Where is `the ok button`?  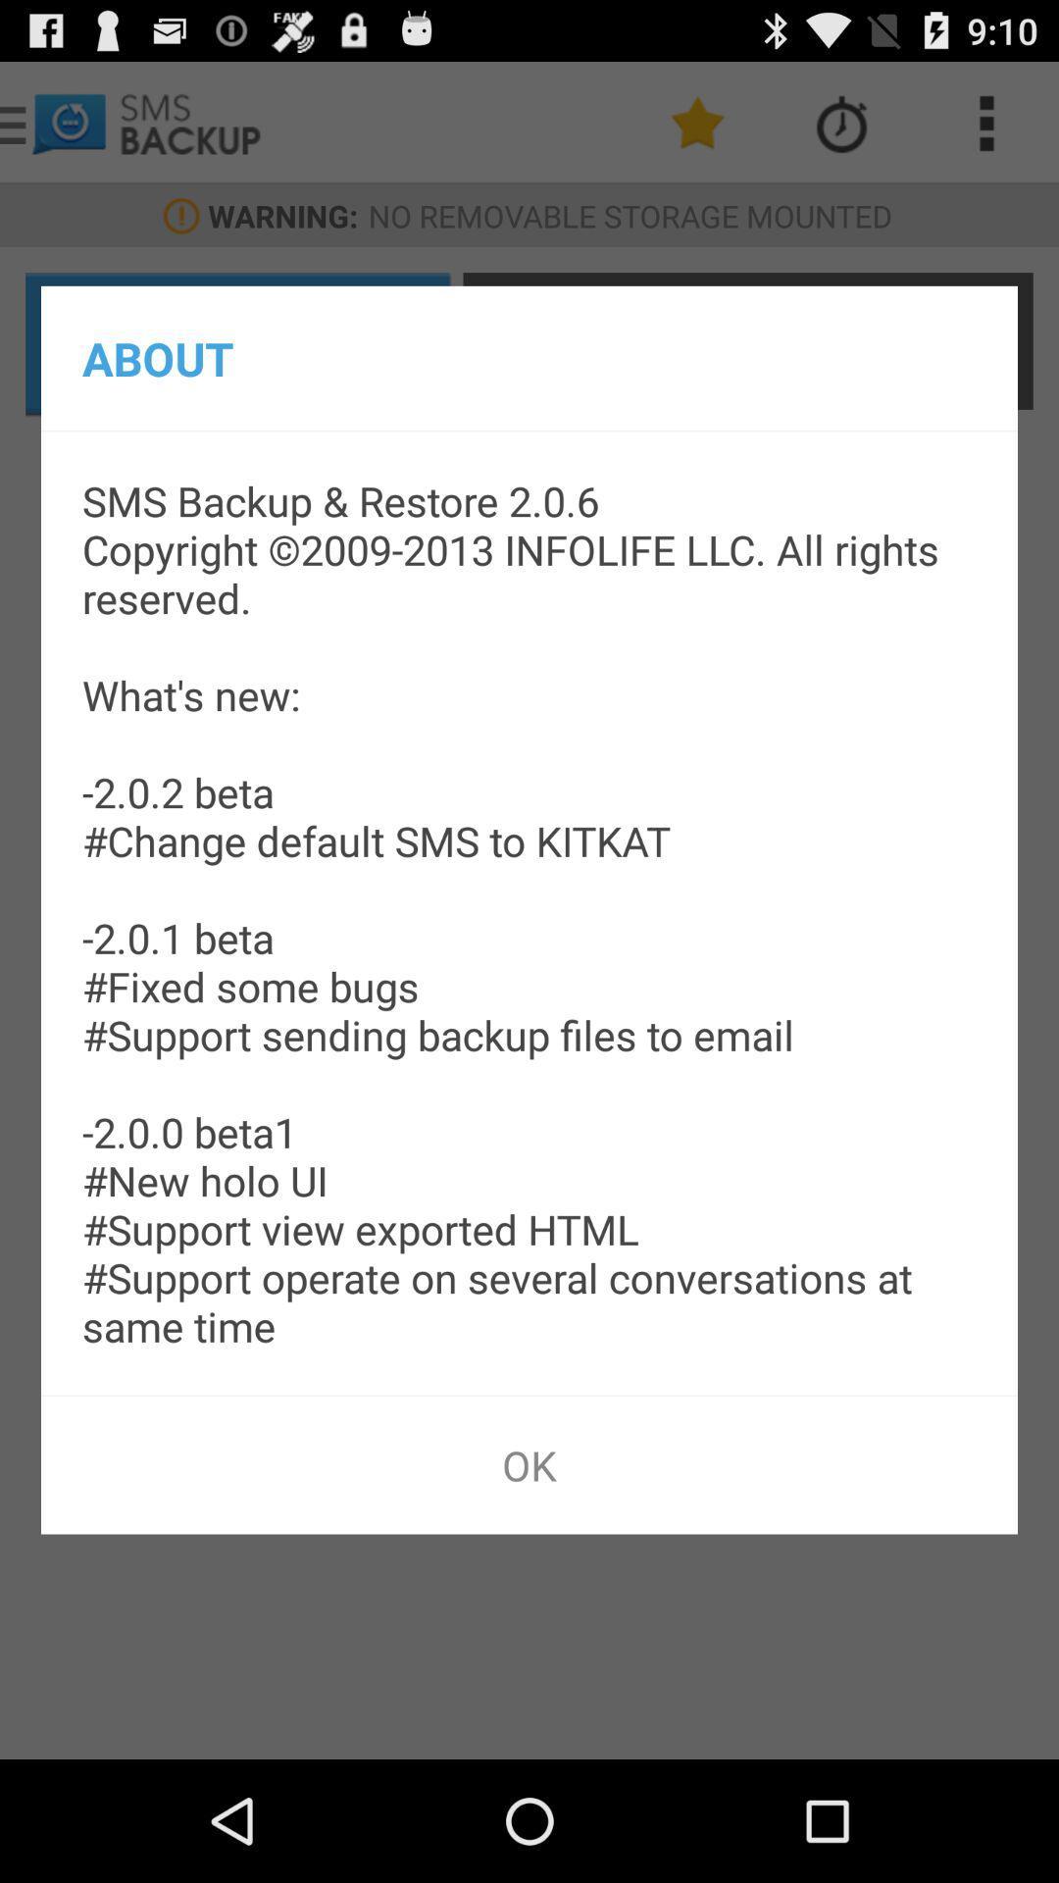 the ok button is located at coordinates (529, 1464).